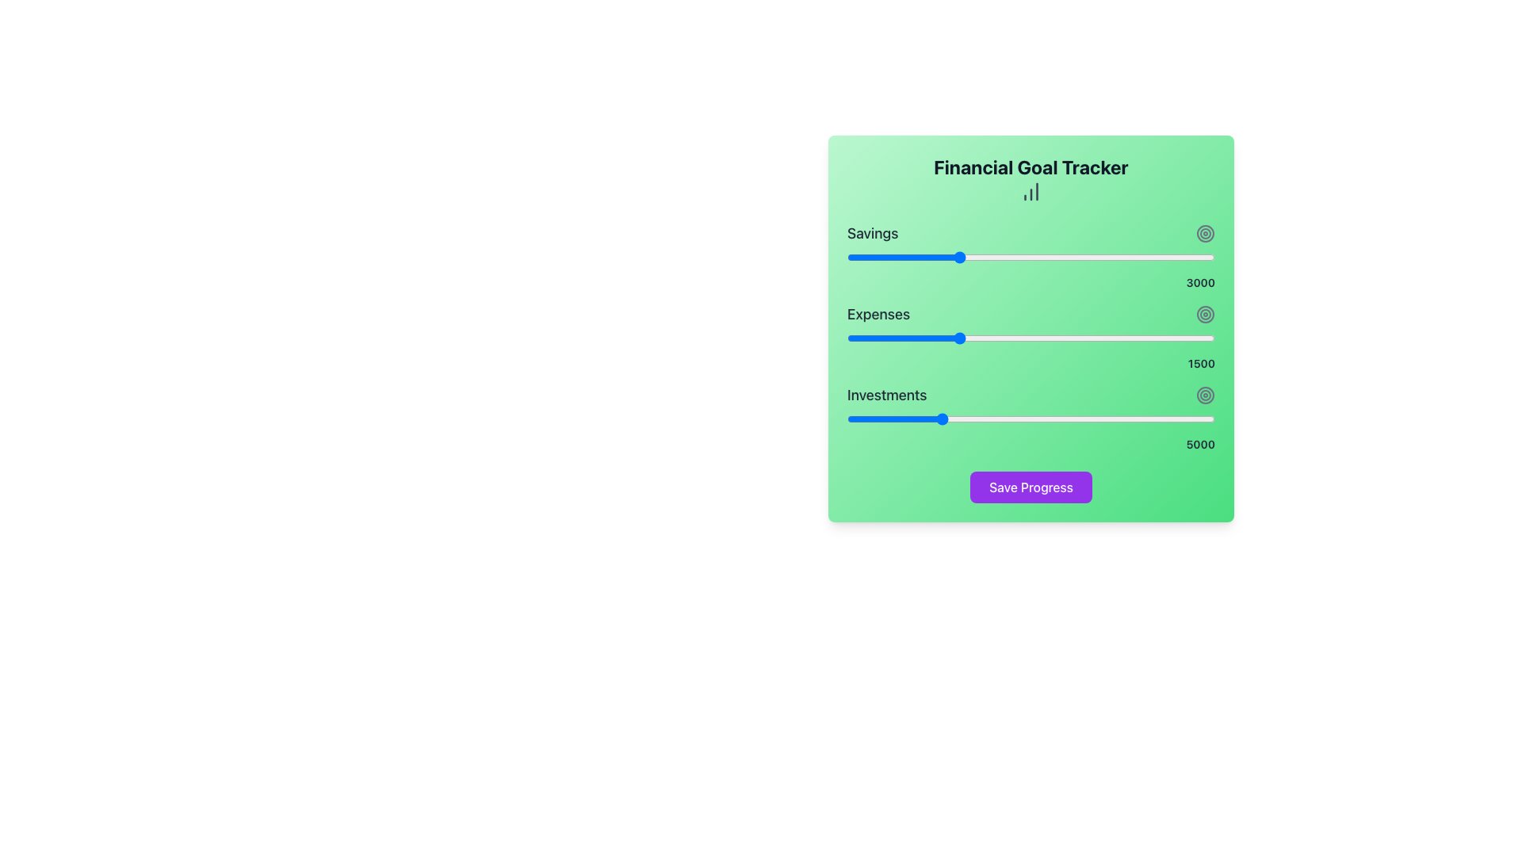 The height and width of the screenshot is (856, 1522). I want to click on the middle SVG Circle, which is a circular shape with a radius of 6 units, located centrally within a widget's graphical hover icon area, so click(1205, 394).